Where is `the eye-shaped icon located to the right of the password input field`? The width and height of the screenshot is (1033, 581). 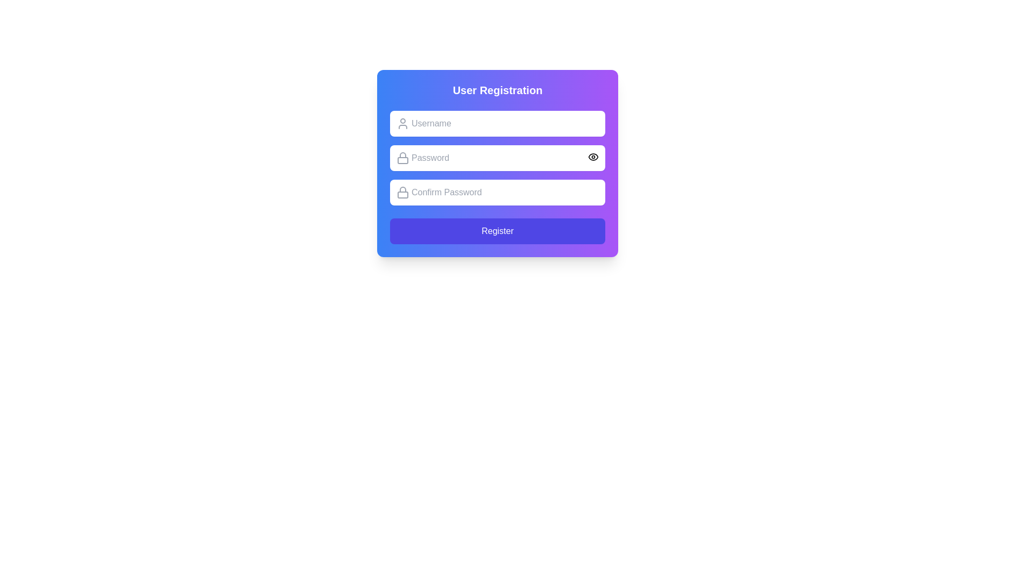 the eye-shaped icon located to the right of the password input field is located at coordinates (593, 157).